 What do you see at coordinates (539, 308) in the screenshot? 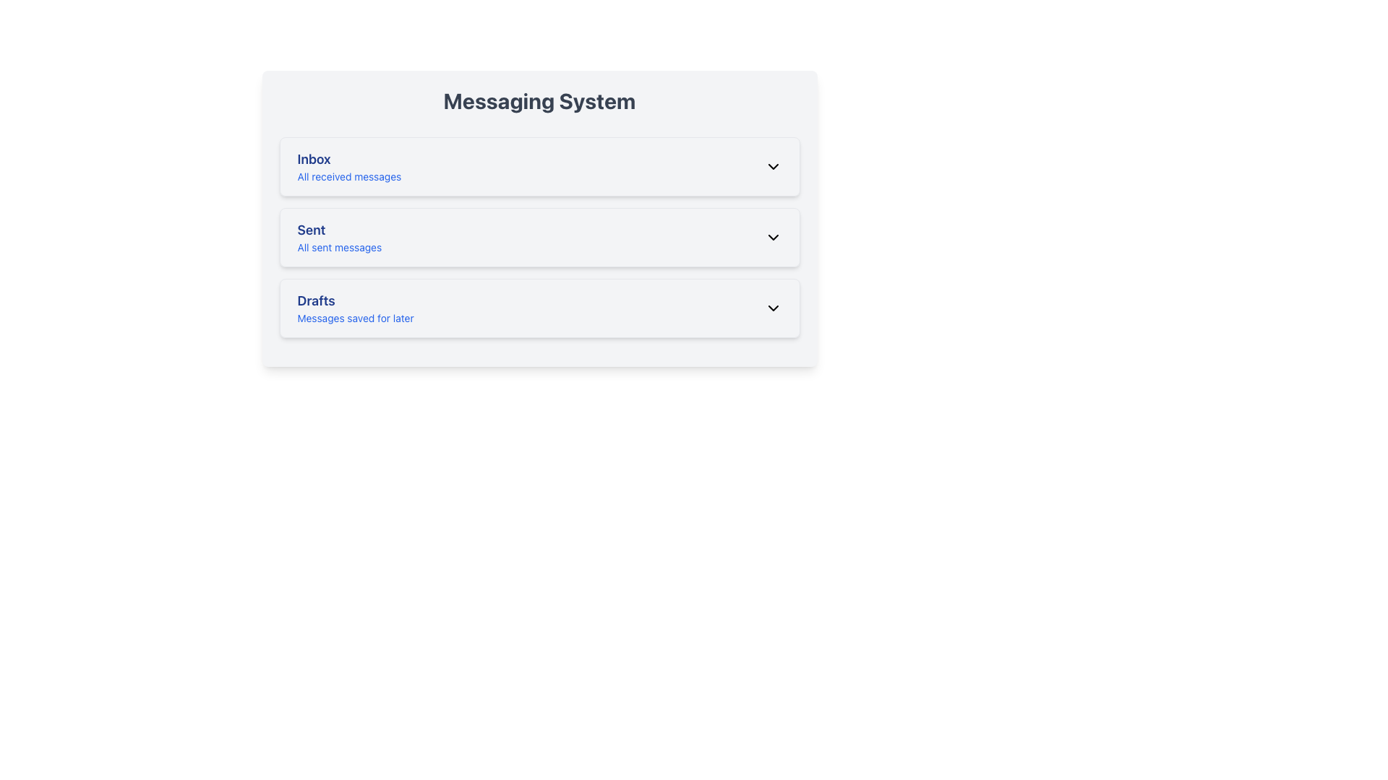
I see `the 'Drafts' collapsible list item in the Messaging System` at bounding box center [539, 308].